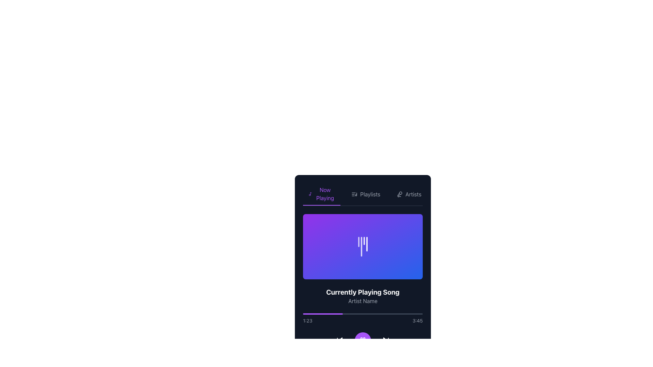 The width and height of the screenshot is (653, 367). I want to click on the purple musical note icon located to the left of the 'Now Playing' text, so click(310, 194).